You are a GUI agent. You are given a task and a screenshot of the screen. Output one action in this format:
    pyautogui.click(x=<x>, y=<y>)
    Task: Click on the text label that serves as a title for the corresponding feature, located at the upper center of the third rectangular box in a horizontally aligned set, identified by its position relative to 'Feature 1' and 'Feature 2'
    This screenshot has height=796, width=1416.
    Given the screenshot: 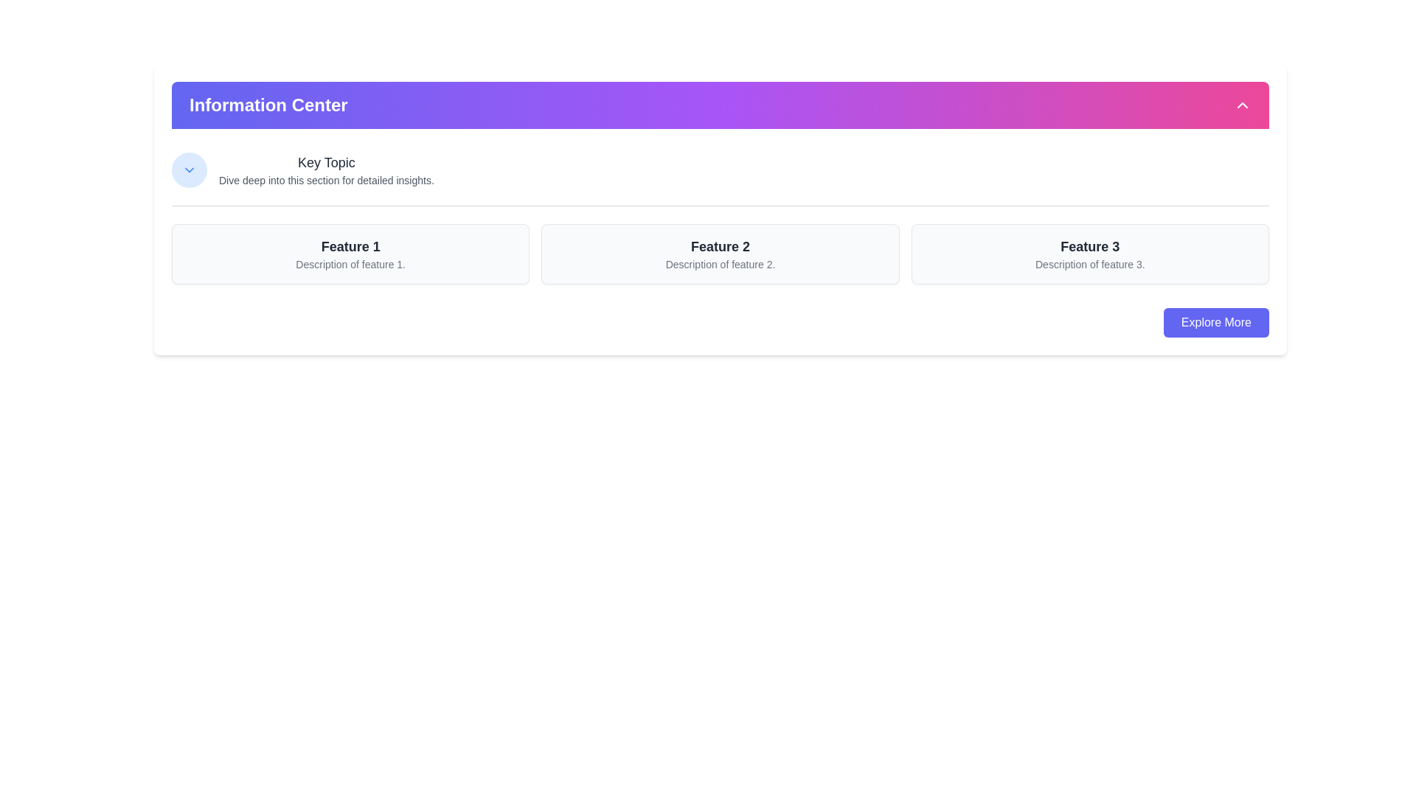 What is the action you would take?
    pyautogui.click(x=1090, y=246)
    